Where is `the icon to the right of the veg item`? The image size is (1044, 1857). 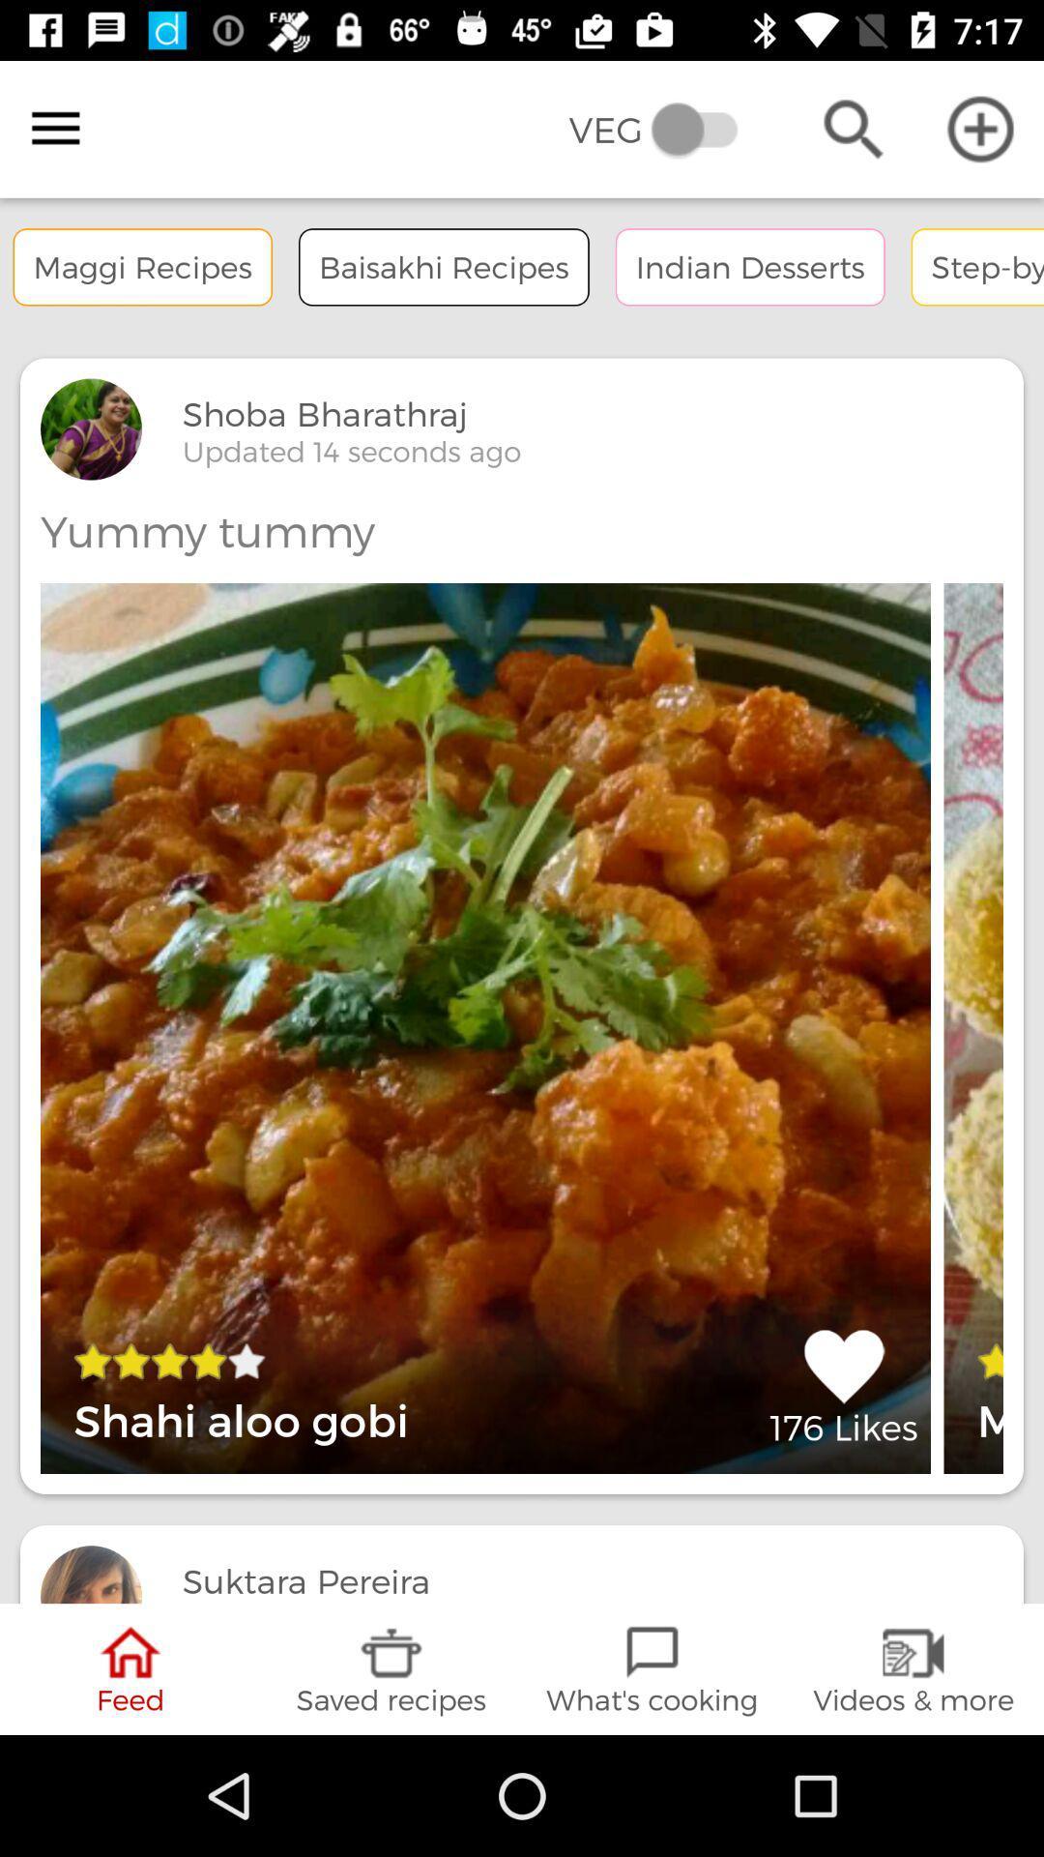 the icon to the right of the veg item is located at coordinates (853, 128).